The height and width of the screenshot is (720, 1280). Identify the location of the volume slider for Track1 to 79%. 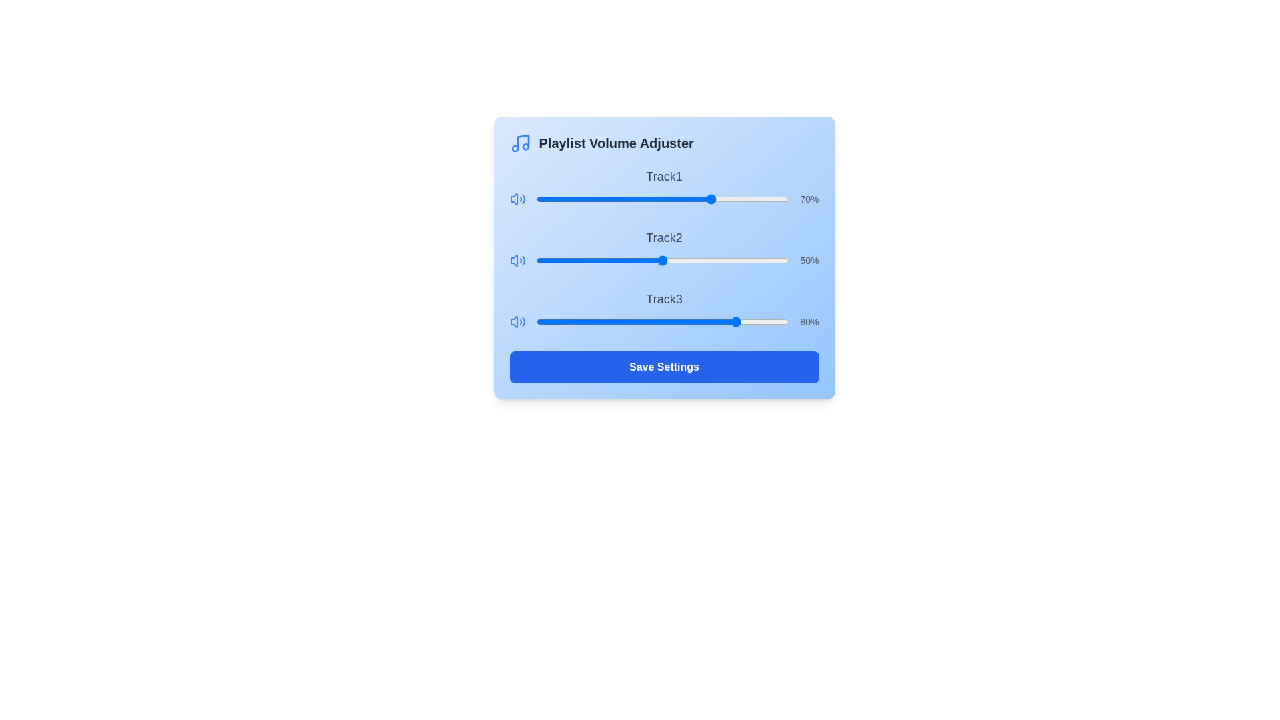
(735, 199).